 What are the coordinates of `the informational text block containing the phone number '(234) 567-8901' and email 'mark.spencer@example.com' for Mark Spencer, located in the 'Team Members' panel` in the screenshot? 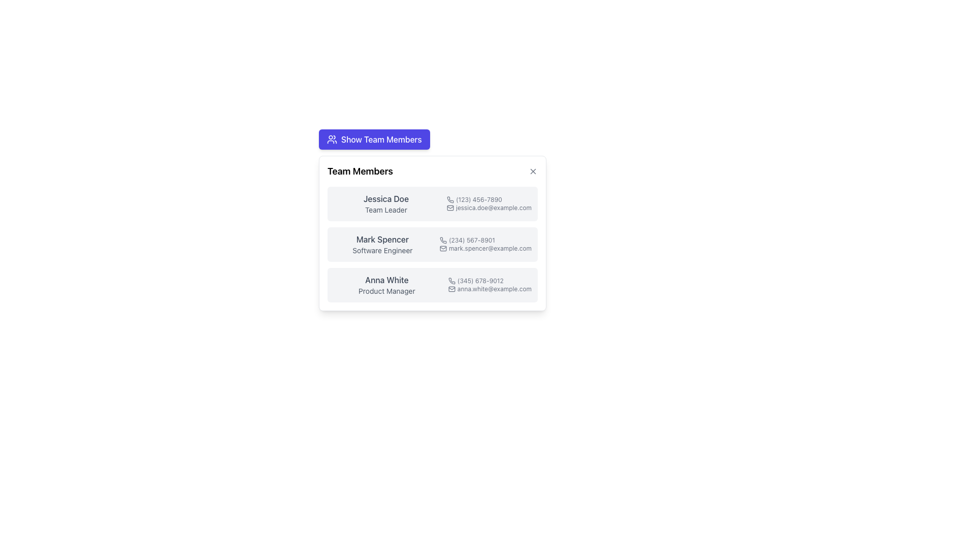 It's located at (485, 245).